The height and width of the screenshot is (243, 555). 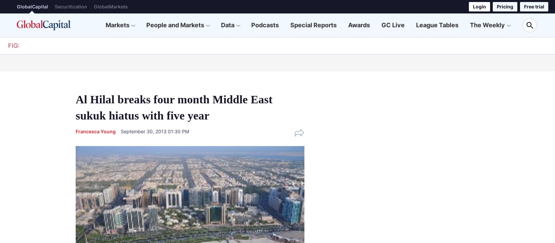 I want to click on 'Special Reports', so click(x=313, y=25).